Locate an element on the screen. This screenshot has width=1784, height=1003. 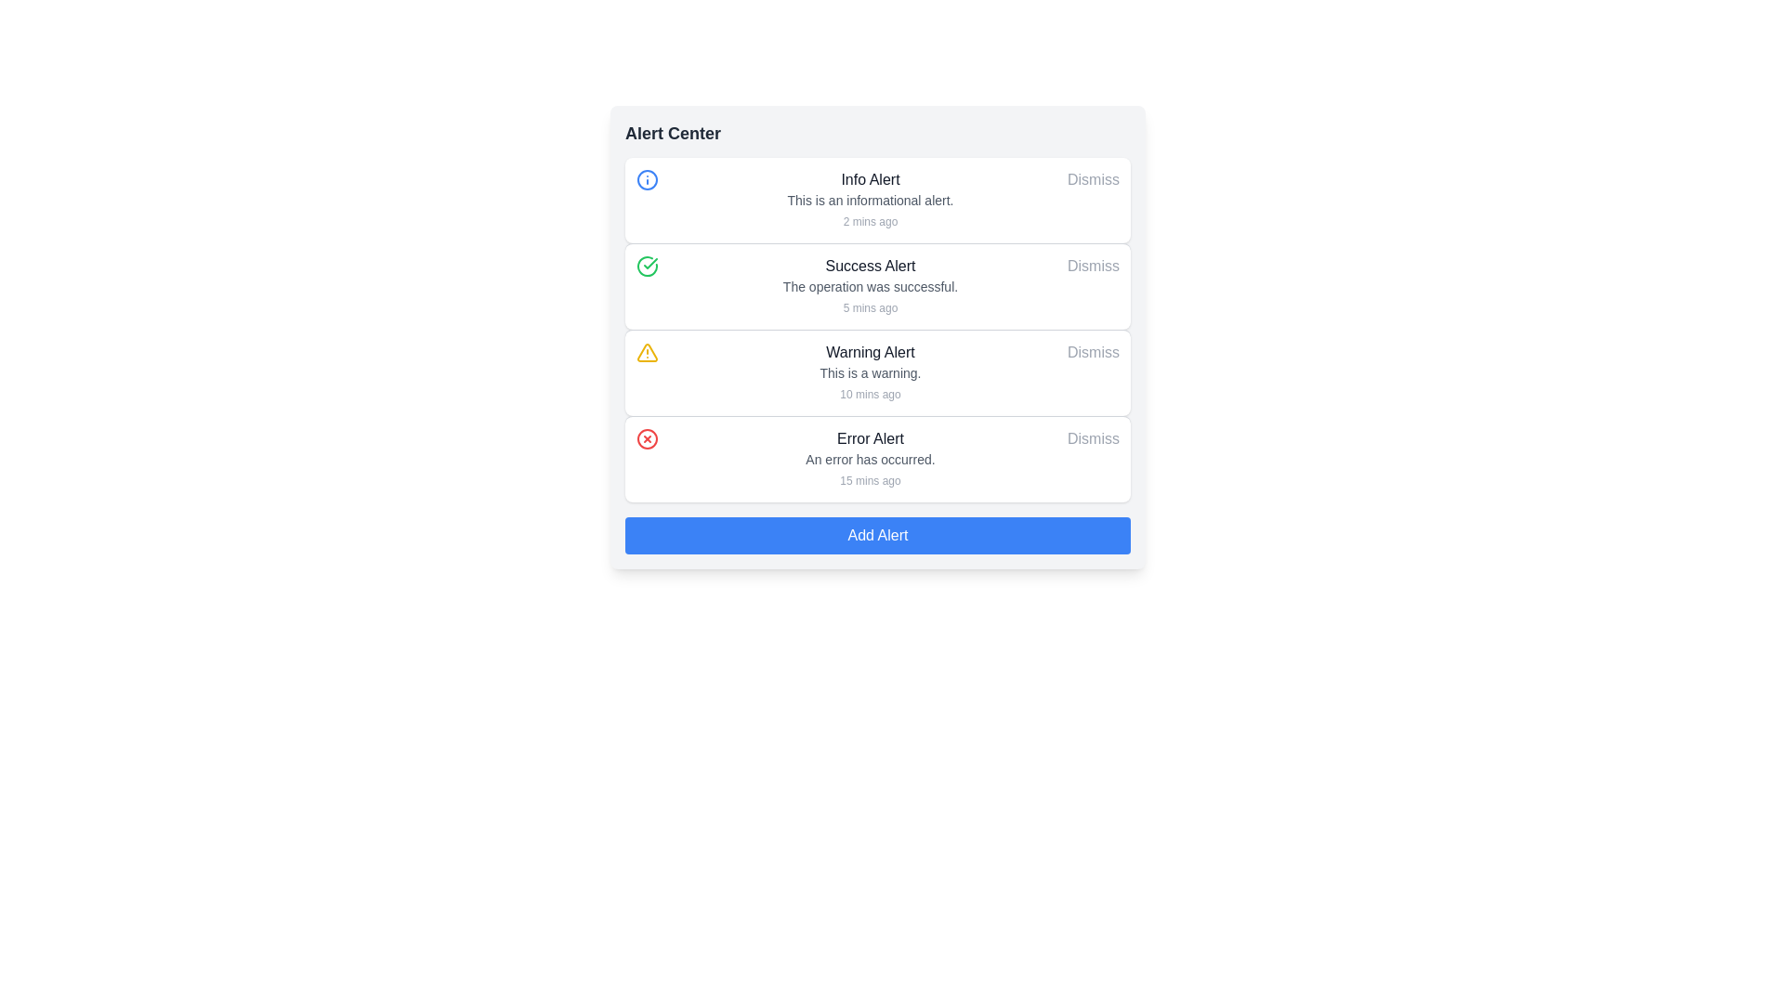
the design of the warning alert icon located in the third row of the alert list in the 'Alert Center', aligned to the left side of the row is located at coordinates (647, 352).